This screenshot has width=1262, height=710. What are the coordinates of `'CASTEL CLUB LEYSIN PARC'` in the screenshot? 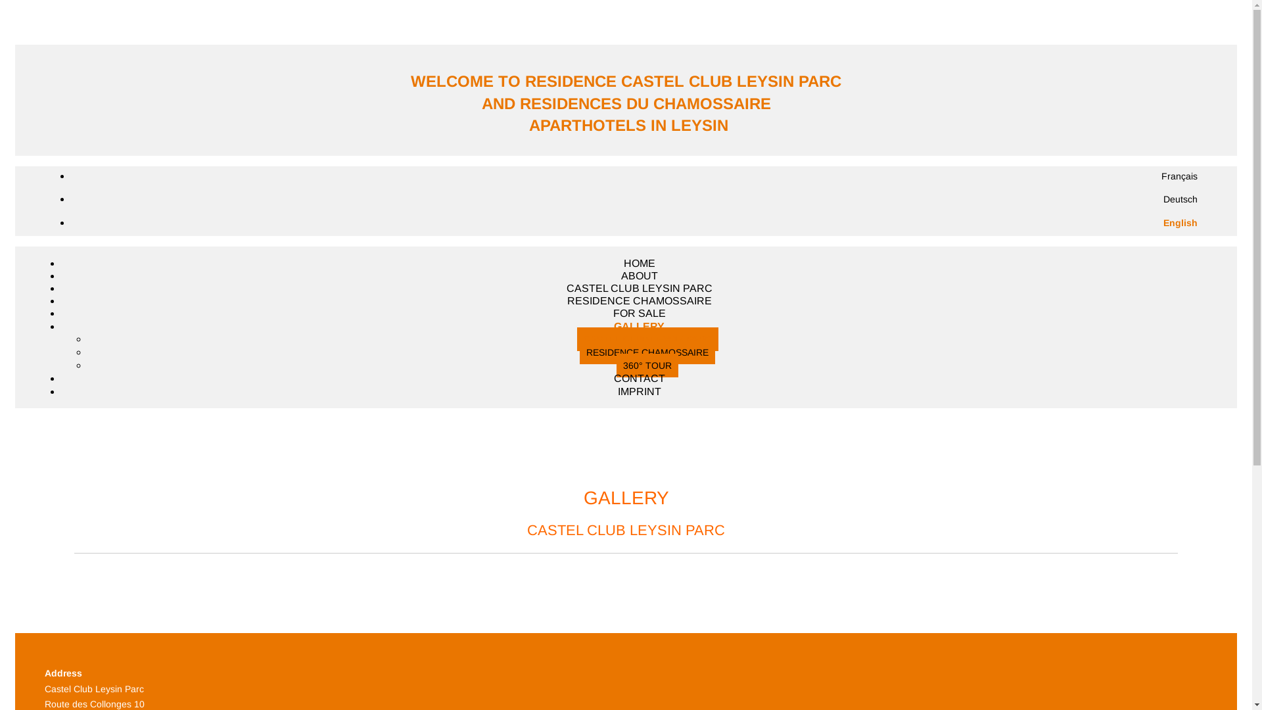 It's located at (577, 339).